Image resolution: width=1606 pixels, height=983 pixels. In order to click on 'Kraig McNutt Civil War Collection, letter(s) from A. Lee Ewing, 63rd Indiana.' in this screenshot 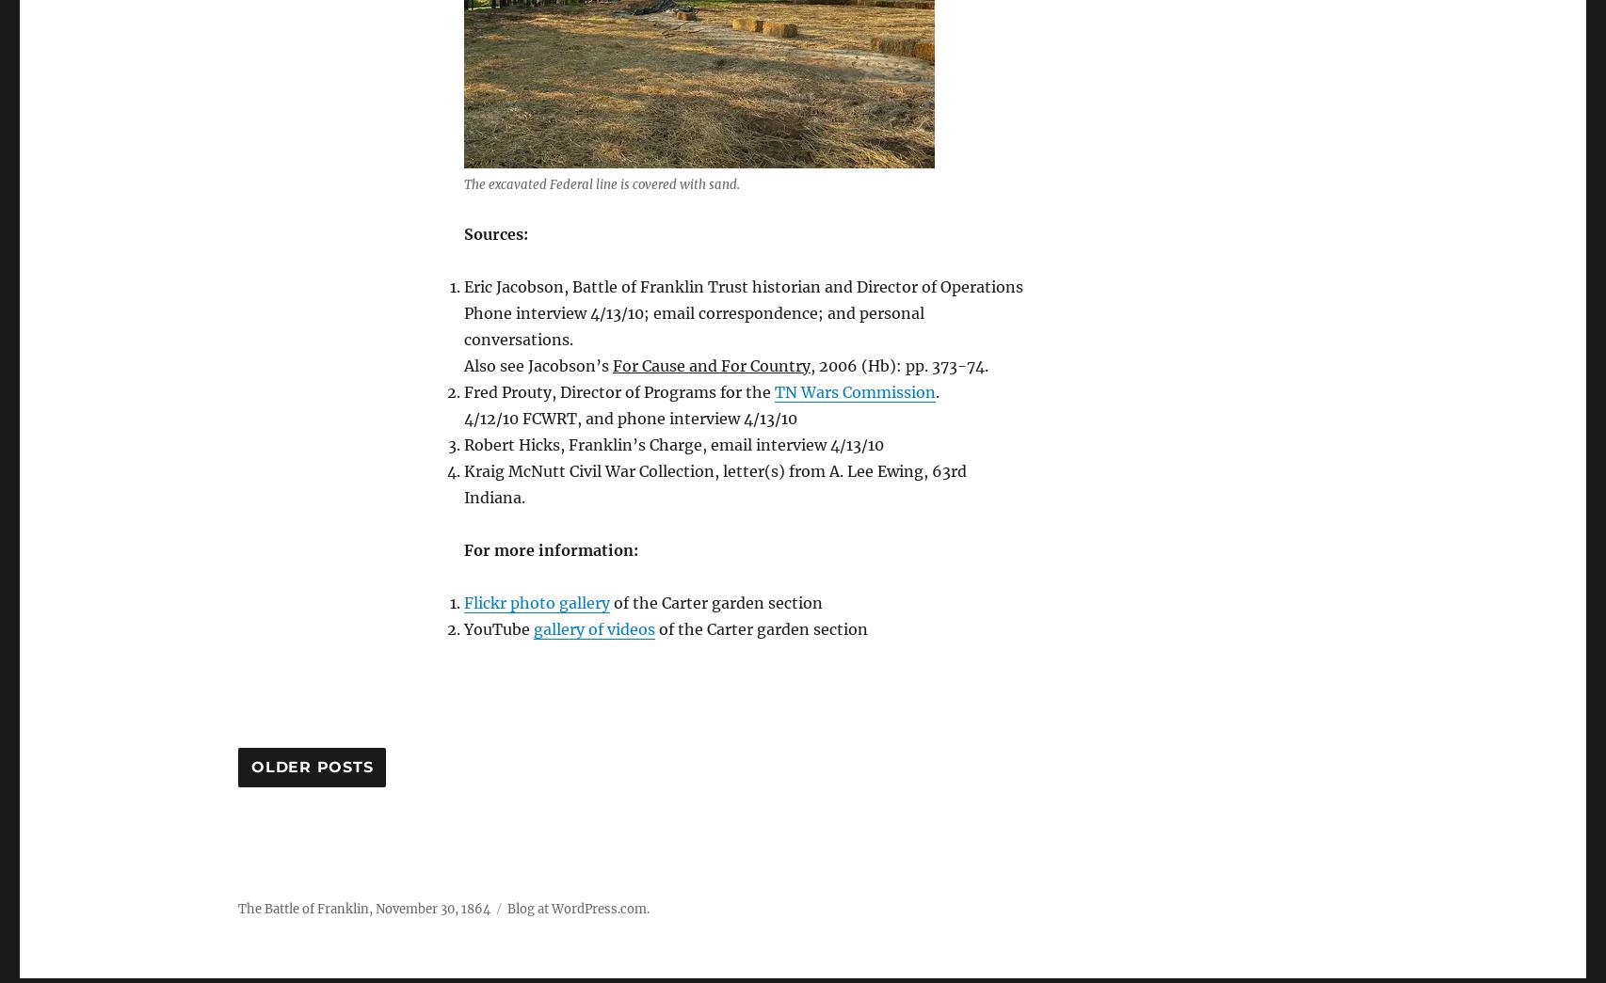, I will do `click(715, 483)`.